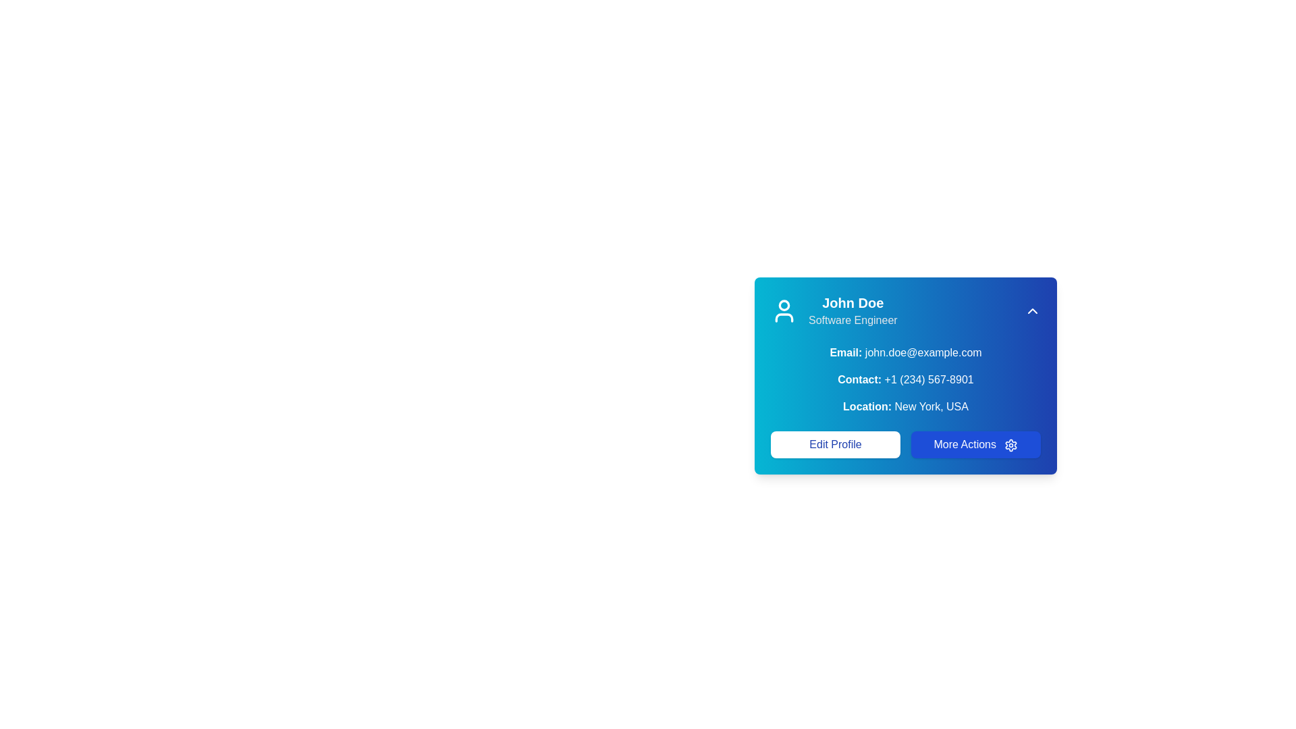 The image size is (1296, 729). What do you see at coordinates (1011, 445) in the screenshot?
I see `the settings icon, which is a gear-shaped outline in blue and white hues, located to the right of the 'More Actions' button` at bounding box center [1011, 445].